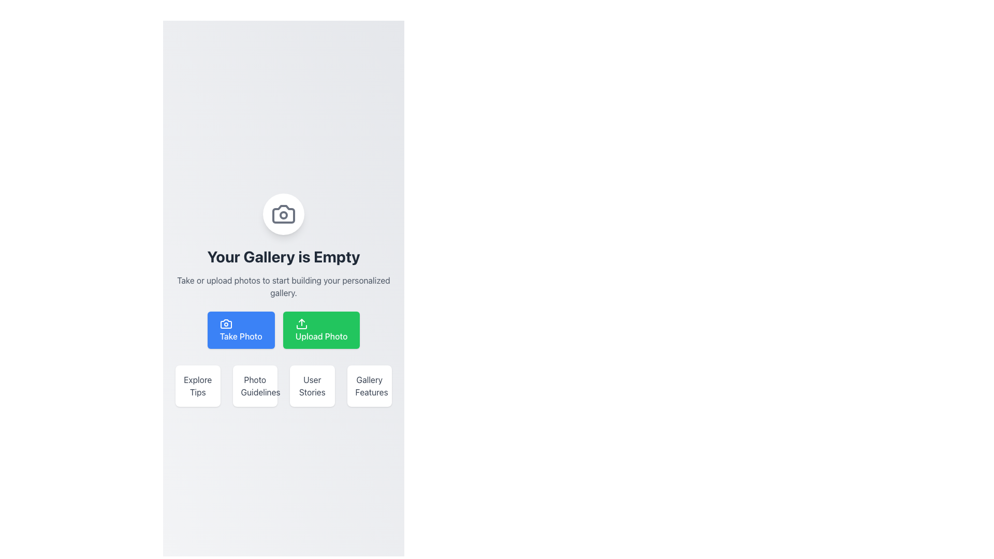 The width and height of the screenshot is (994, 559). Describe the element at coordinates (225, 323) in the screenshot. I see `the camera icon within the blue button labeled 'Take Photo', which features a minimalistic line-drawn camera symbol positioned to the left of the button's text` at that location.